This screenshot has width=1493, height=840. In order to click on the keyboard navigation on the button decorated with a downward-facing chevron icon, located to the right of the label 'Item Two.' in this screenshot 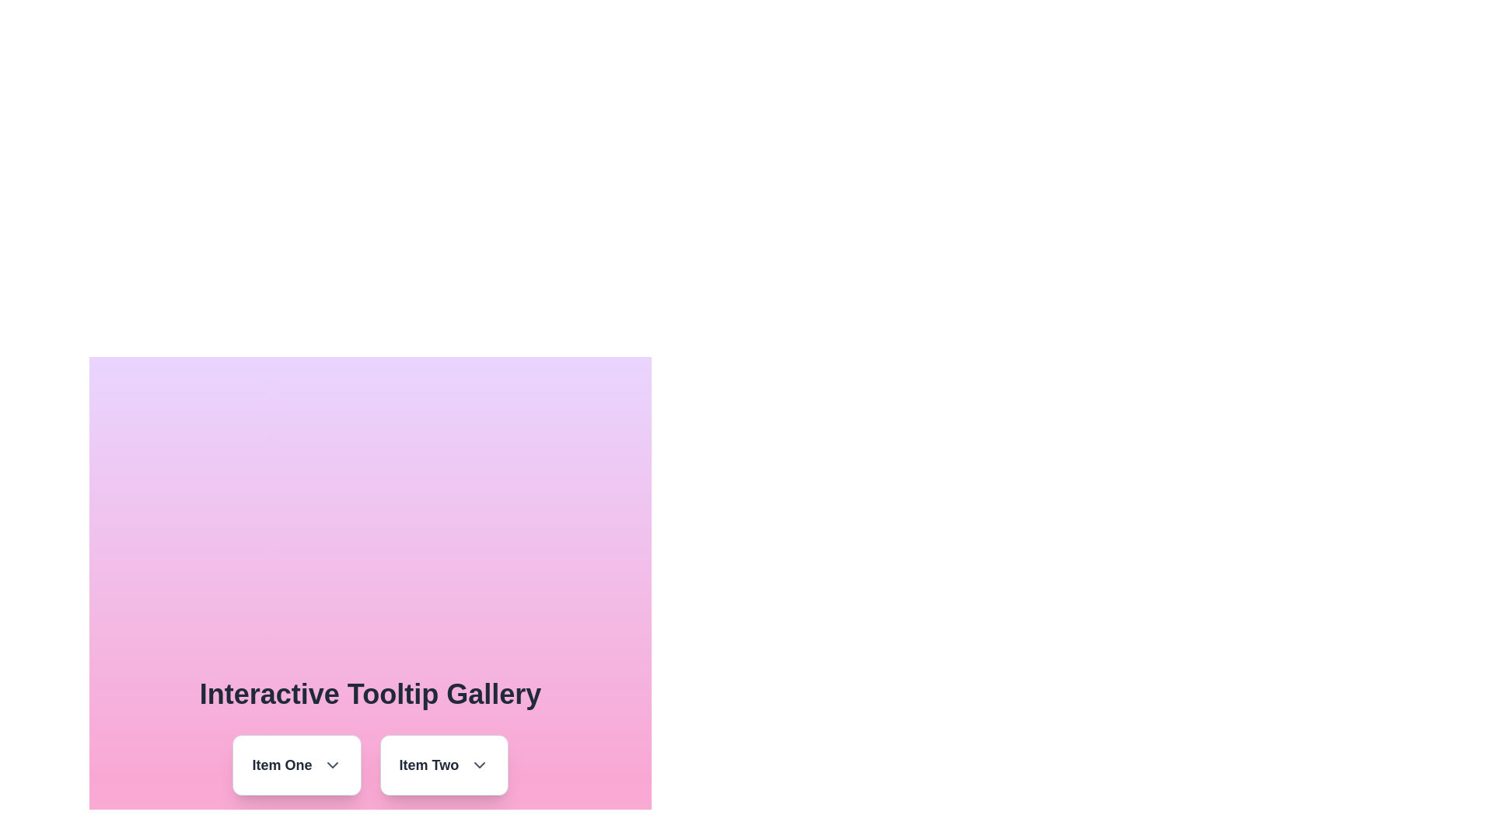, I will do `click(478, 764)`.